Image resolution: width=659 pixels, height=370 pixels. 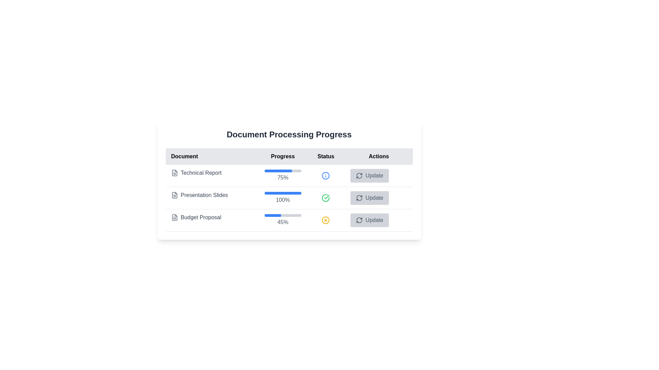 I want to click on the 'Budget Proposal' row in the 'Document Processing Progress' table for potential redirection or actions, so click(x=289, y=220).